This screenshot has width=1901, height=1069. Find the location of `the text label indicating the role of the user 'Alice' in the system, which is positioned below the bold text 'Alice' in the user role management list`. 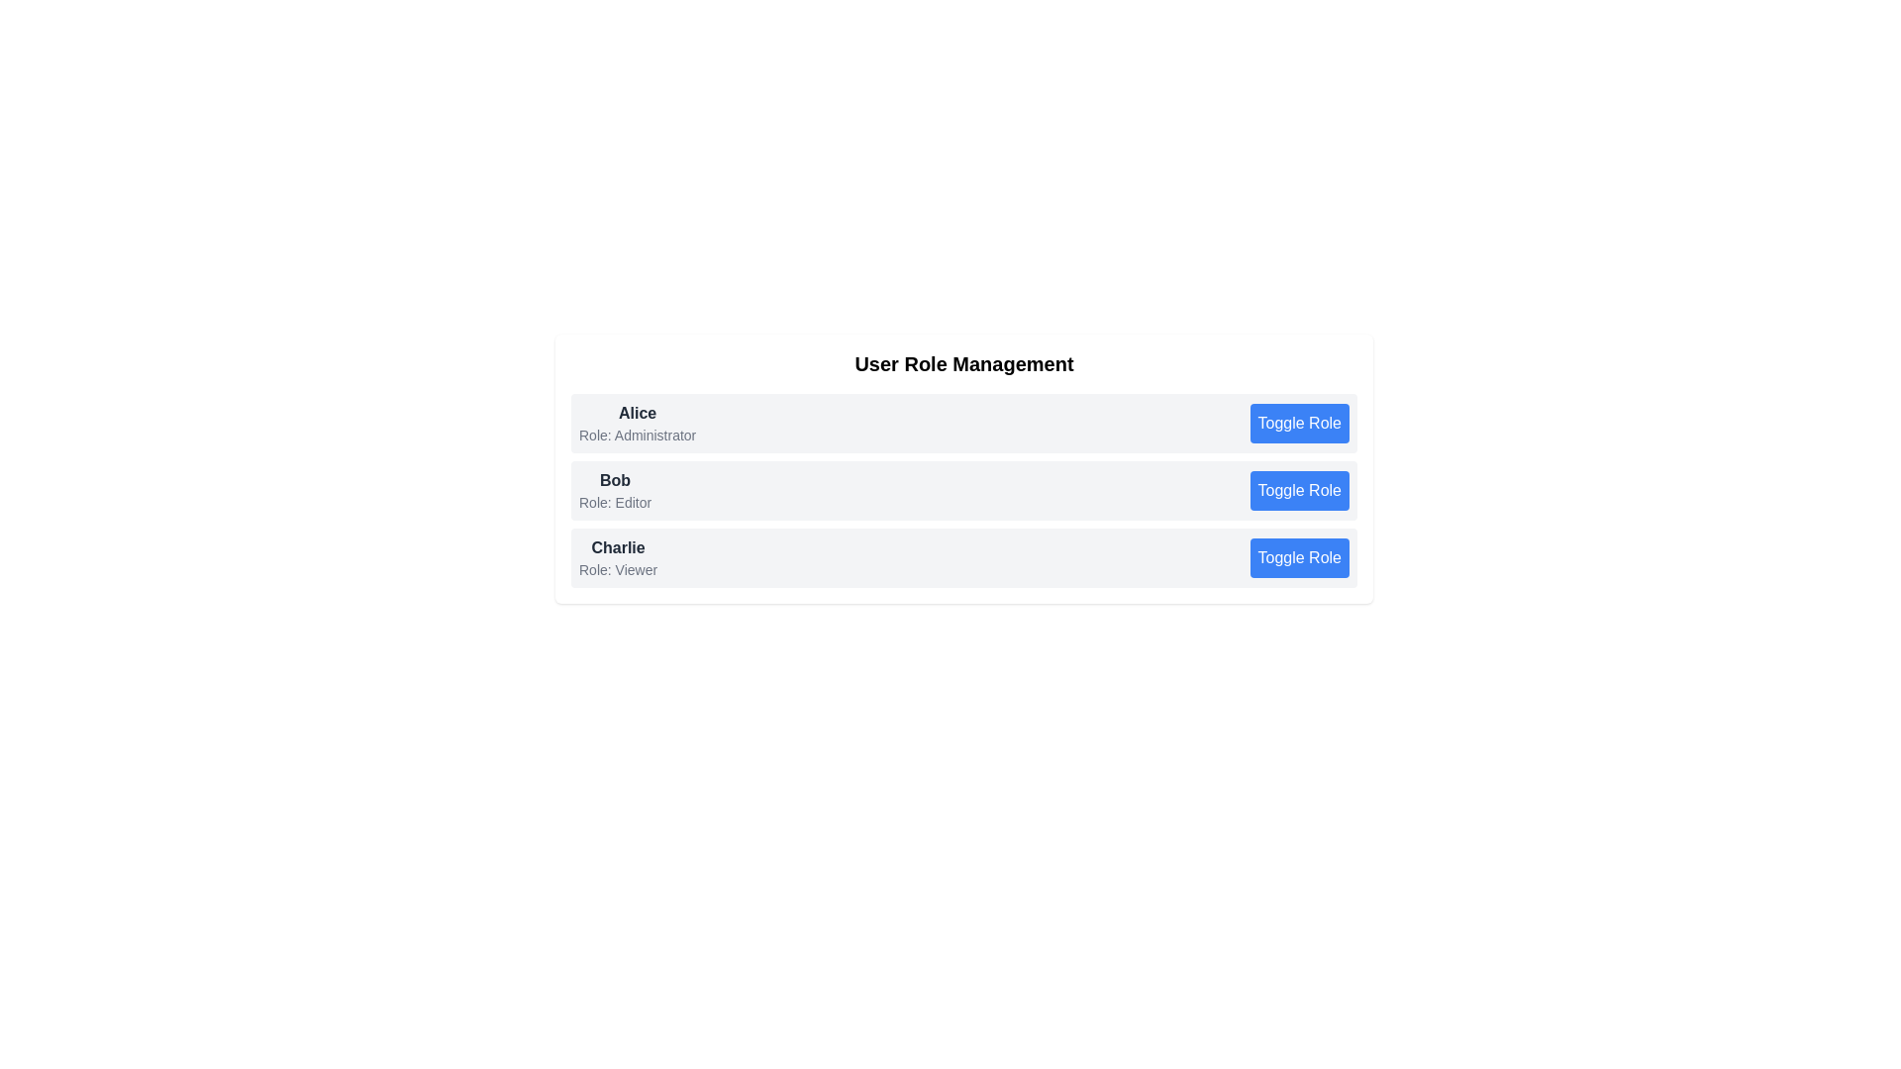

the text label indicating the role of the user 'Alice' in the system, which is positioned below the bold text 'Alice' in the user role management list is located at coordinates (638, 434).